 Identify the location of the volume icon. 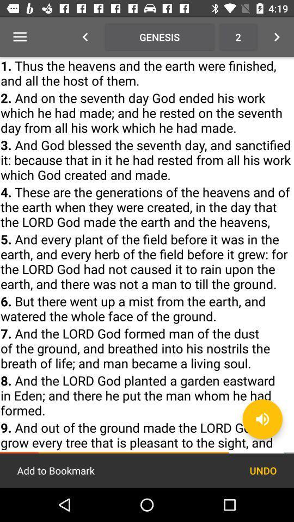
(262, 418).